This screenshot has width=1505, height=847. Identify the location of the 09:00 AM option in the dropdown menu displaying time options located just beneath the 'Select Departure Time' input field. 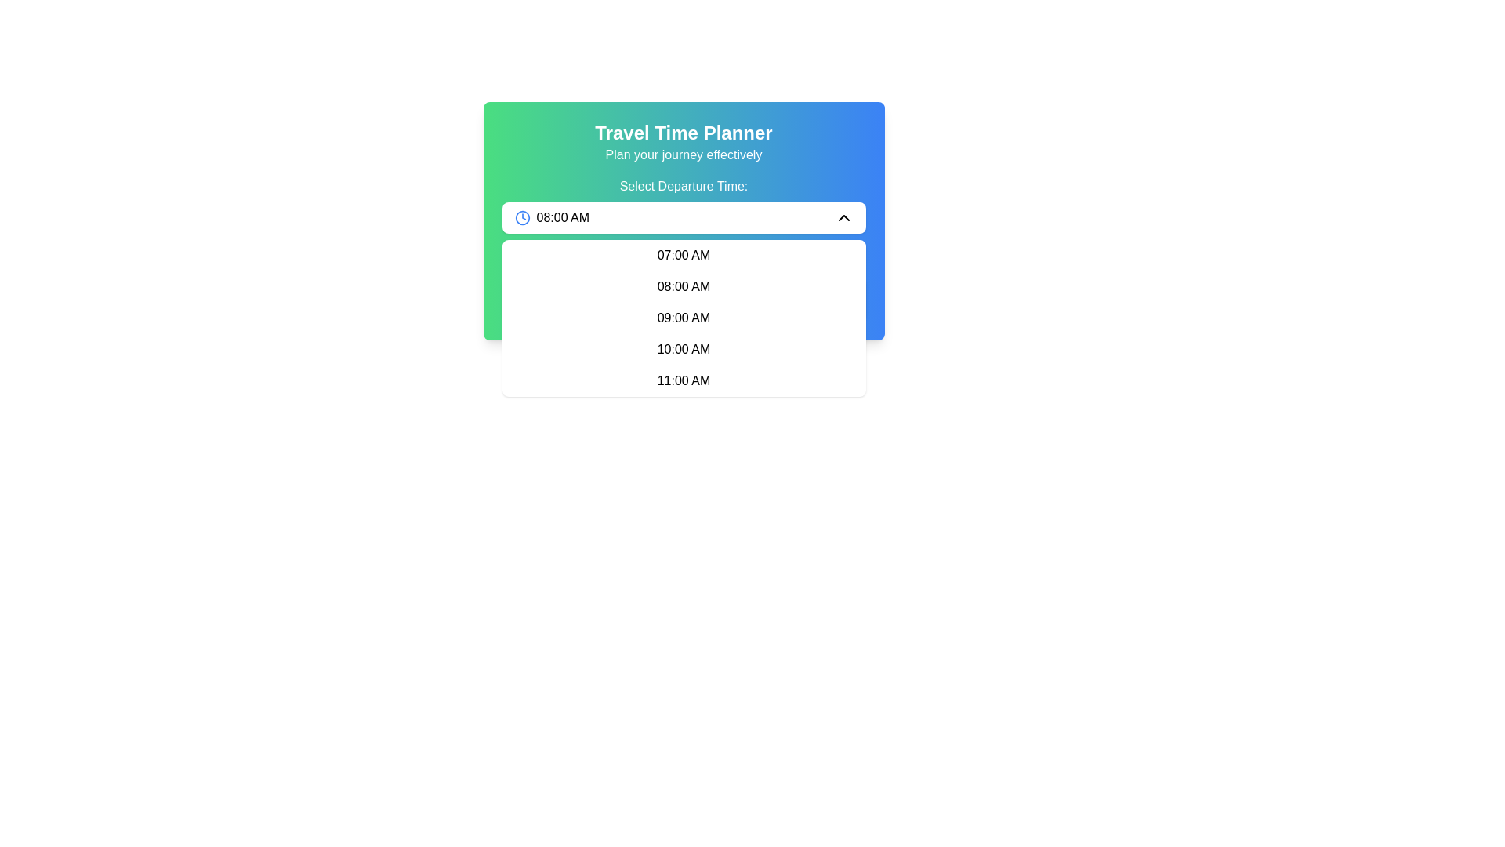
(684, 318).